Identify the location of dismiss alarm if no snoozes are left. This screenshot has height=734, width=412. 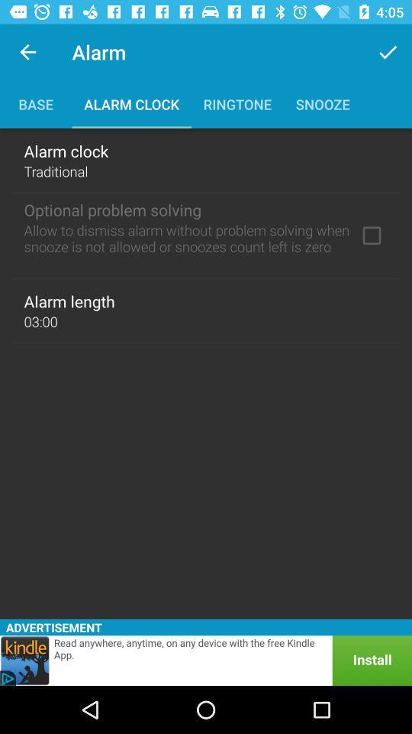
(371, 235).